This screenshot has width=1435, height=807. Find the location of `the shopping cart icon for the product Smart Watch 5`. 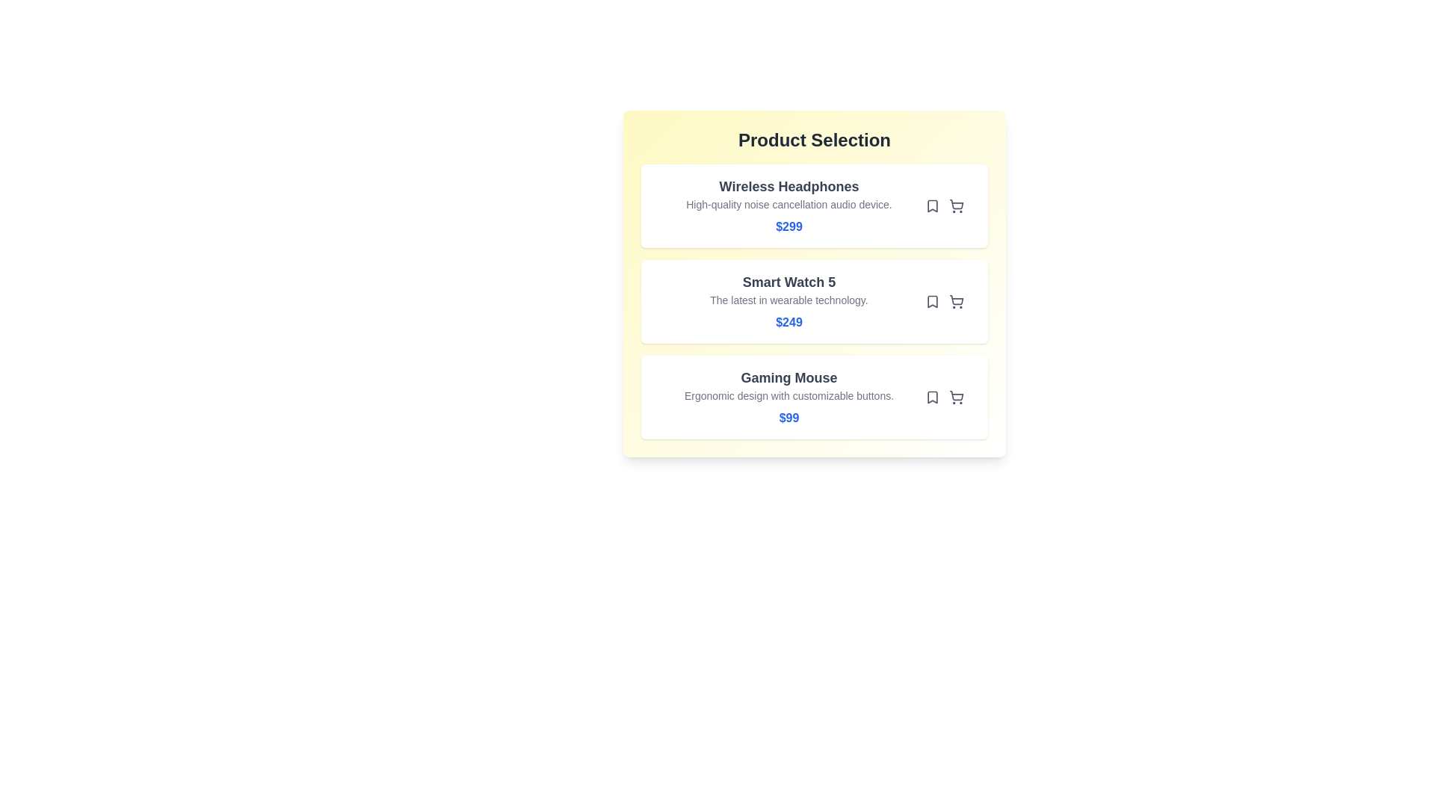

the shopping cart icon for the product Smart Watch 5 is located at coordinates (957, 302).